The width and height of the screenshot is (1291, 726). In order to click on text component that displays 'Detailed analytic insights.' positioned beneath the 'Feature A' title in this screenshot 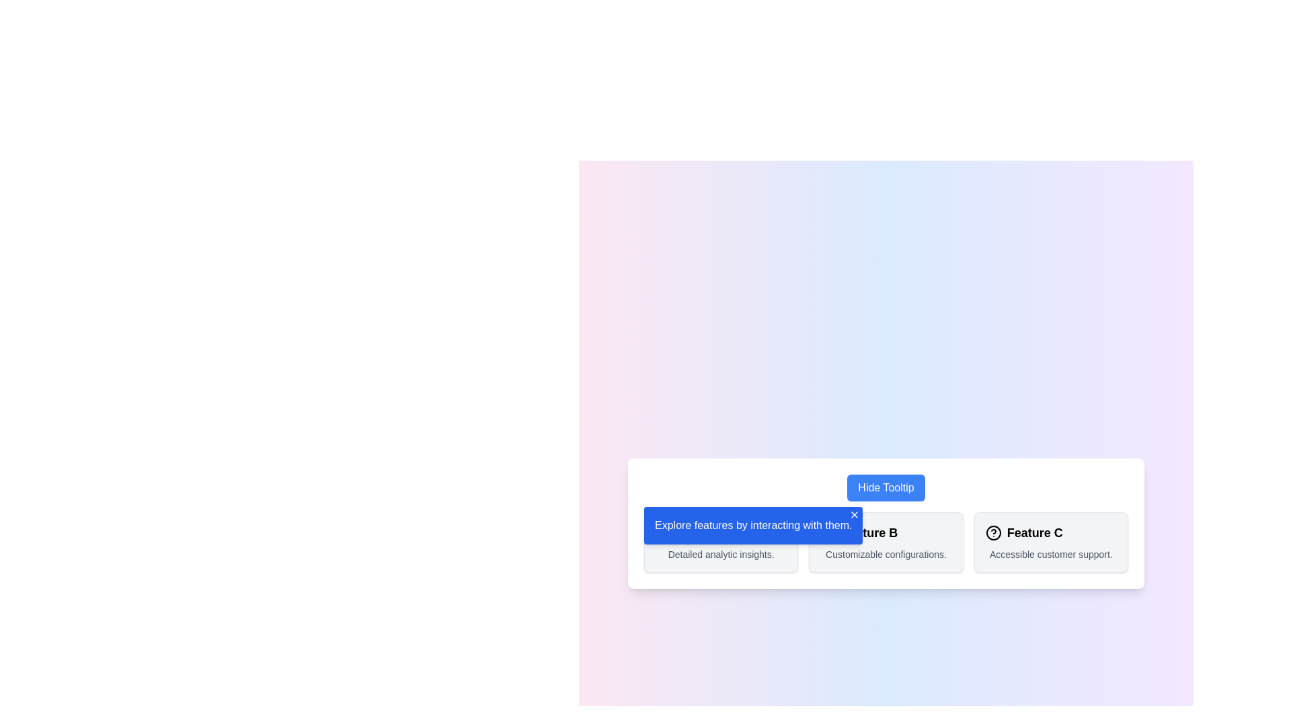, I will do `click(720, 555)`.